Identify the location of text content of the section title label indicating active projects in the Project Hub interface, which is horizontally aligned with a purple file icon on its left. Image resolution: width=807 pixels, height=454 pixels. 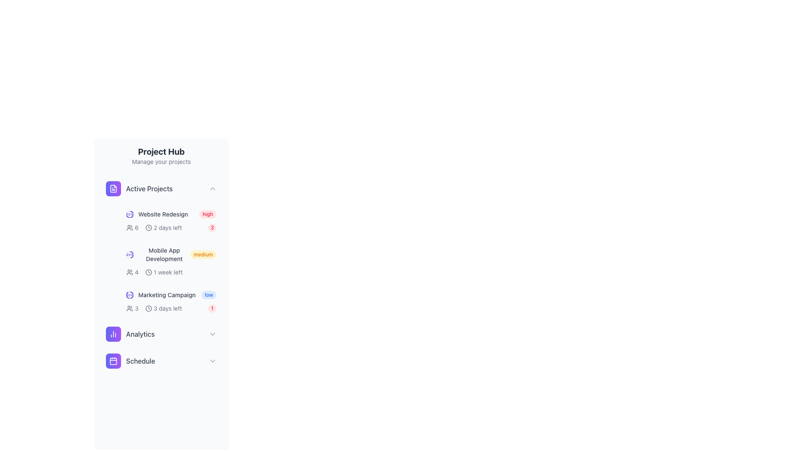
(149, 188).